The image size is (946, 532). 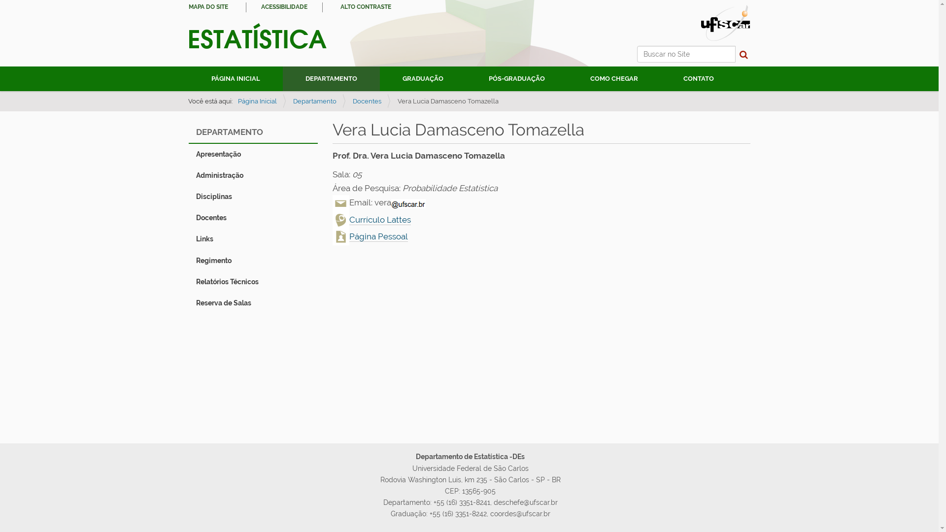 What do you see at coordinates (613, 78) in the screenshot?
I see `'COMO CHEGAR'` at bounding box center [613, 78].